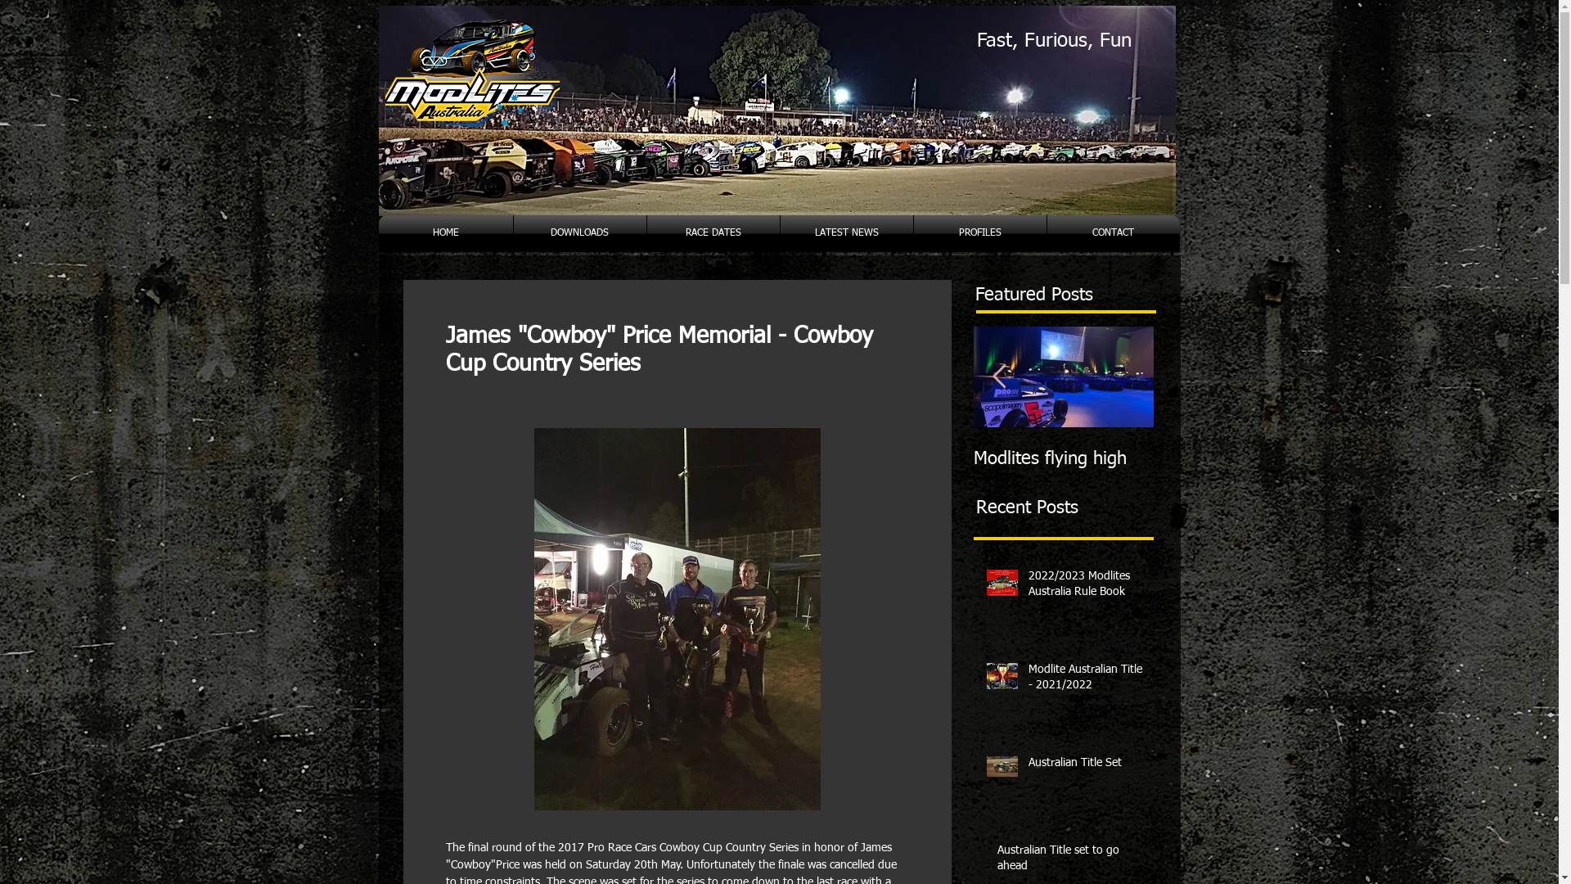 The height and width of the screenshot is (884, 1571). What do you see at coordinates (1071, 861) in the screenshot?
I see `'Australian Title set to go ahead'` at bounding box center [1071, 861].